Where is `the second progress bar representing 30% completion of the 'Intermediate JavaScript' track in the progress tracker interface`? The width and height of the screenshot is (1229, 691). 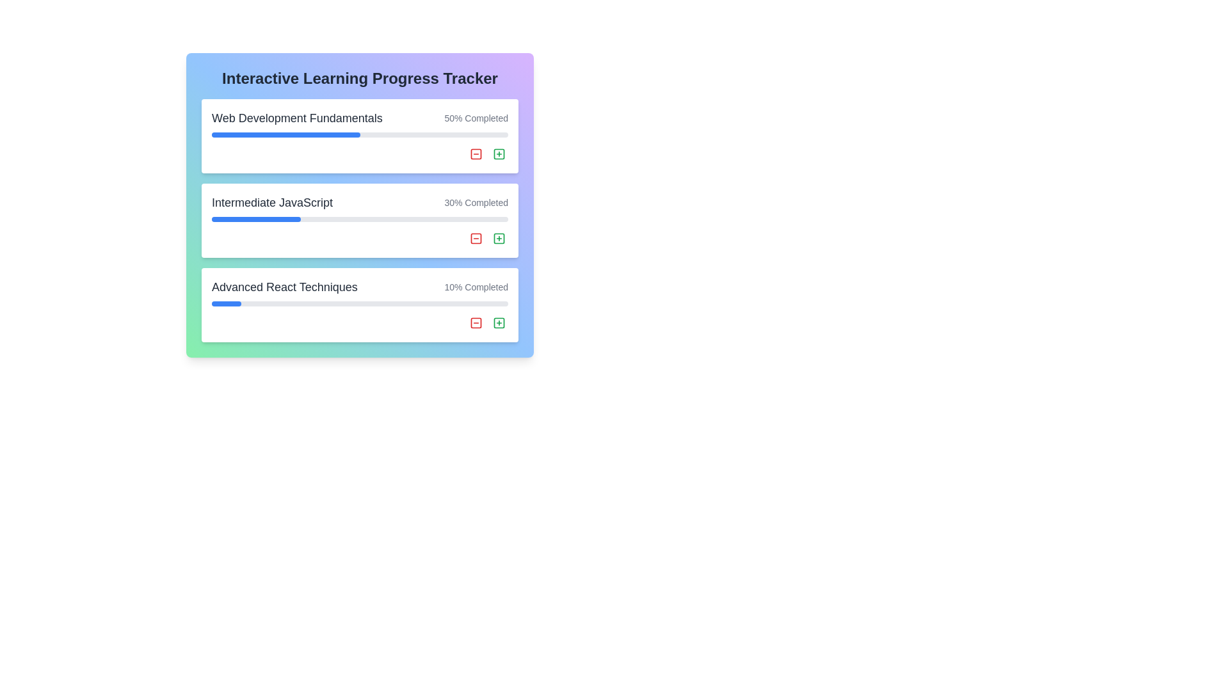 the second progress bar representing 30% completion of the 'Intermediate JavaScript' track in the progress tracker interface is located at coordinates (359, 219).